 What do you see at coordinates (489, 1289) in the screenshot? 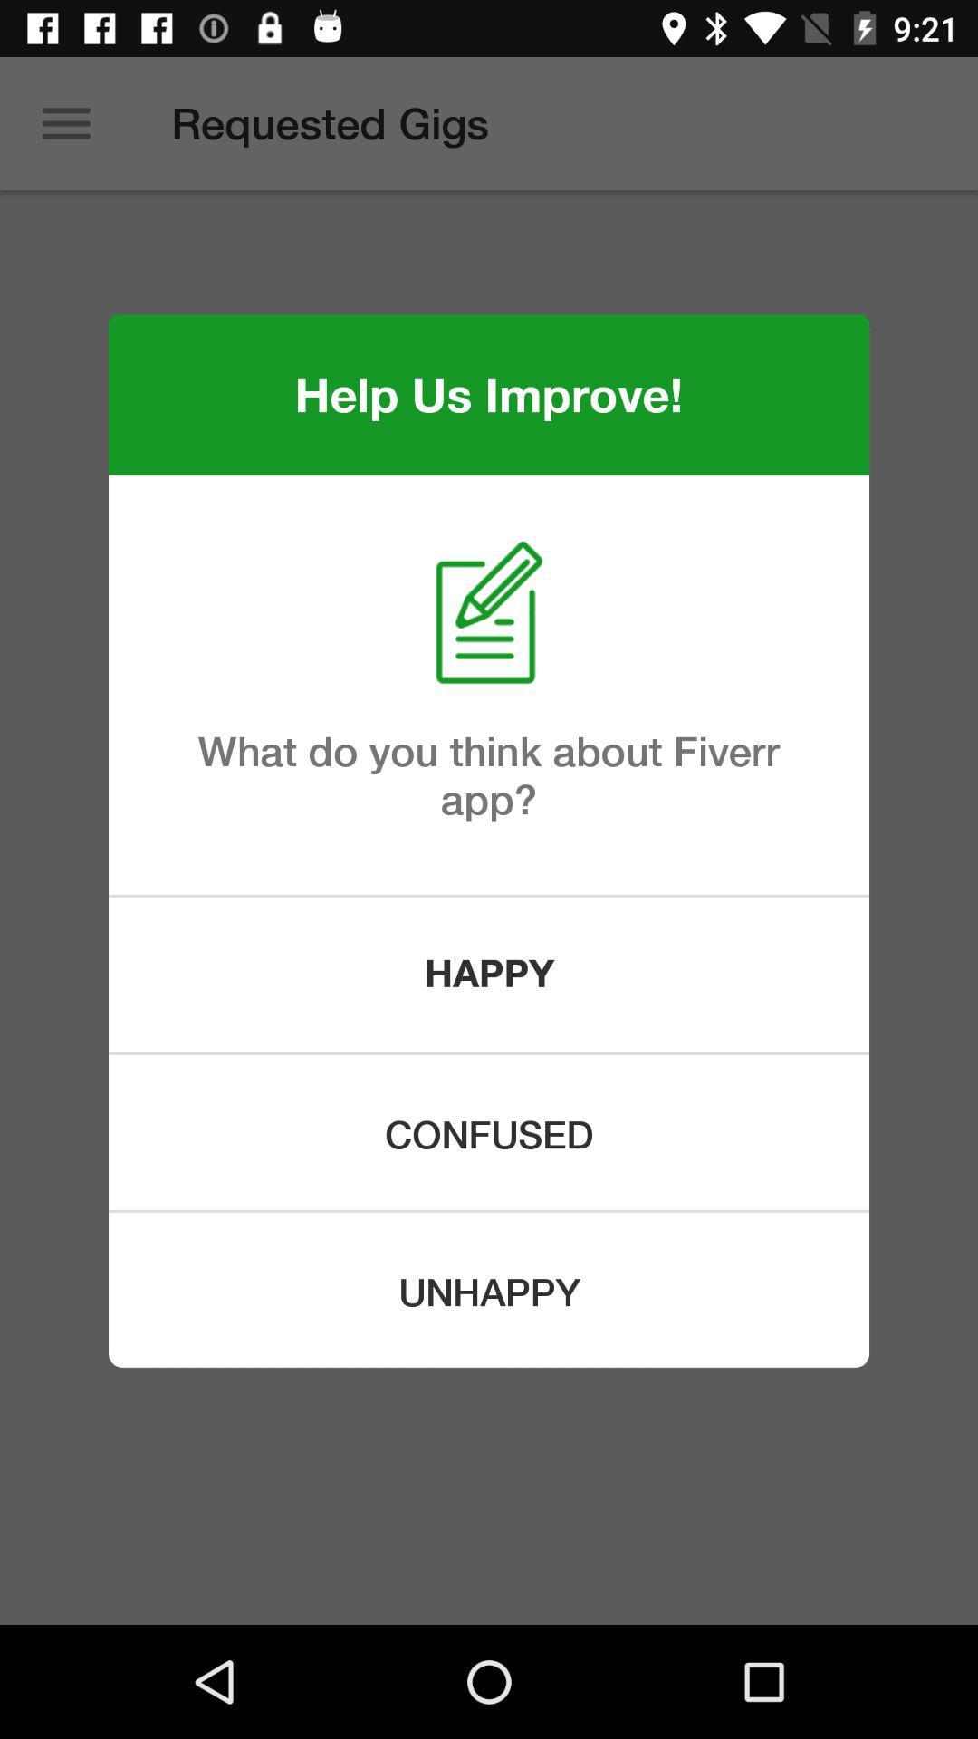
I see `the unhappy item` at bounding box center [489, 1289].